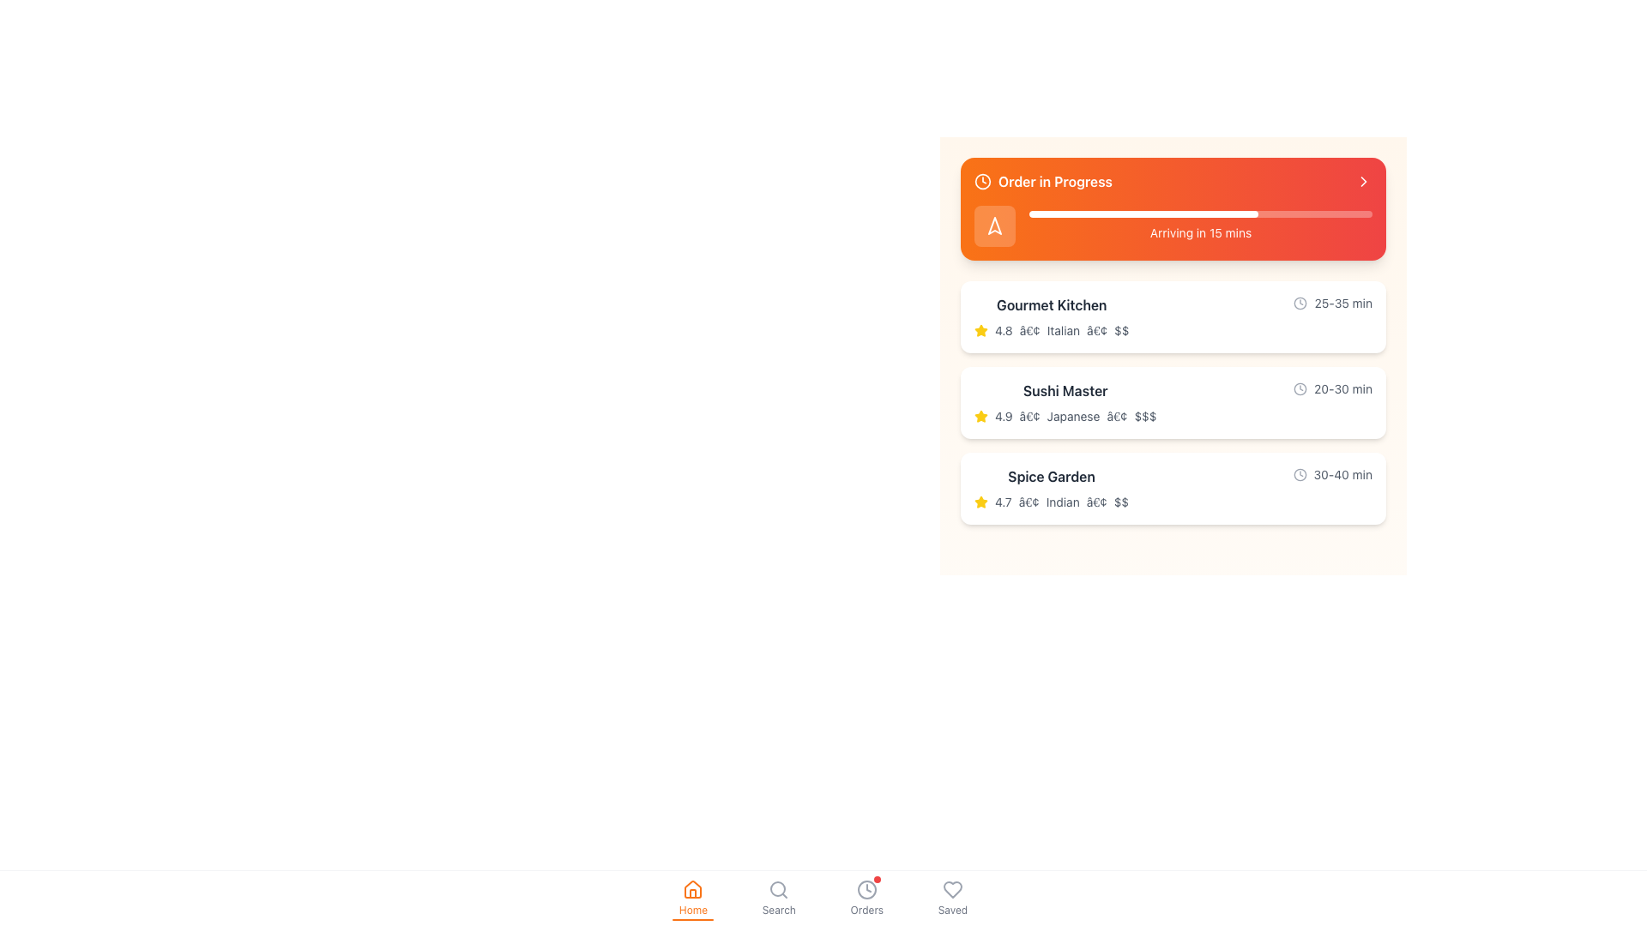 The height and width of the screenshot is (926, 1647). Describe the element at coordinates (1362, 182) in the screenshot. I see `the right-pointing chevron icon located in the top-right corner of the 'Order in Progress' header` at that location.